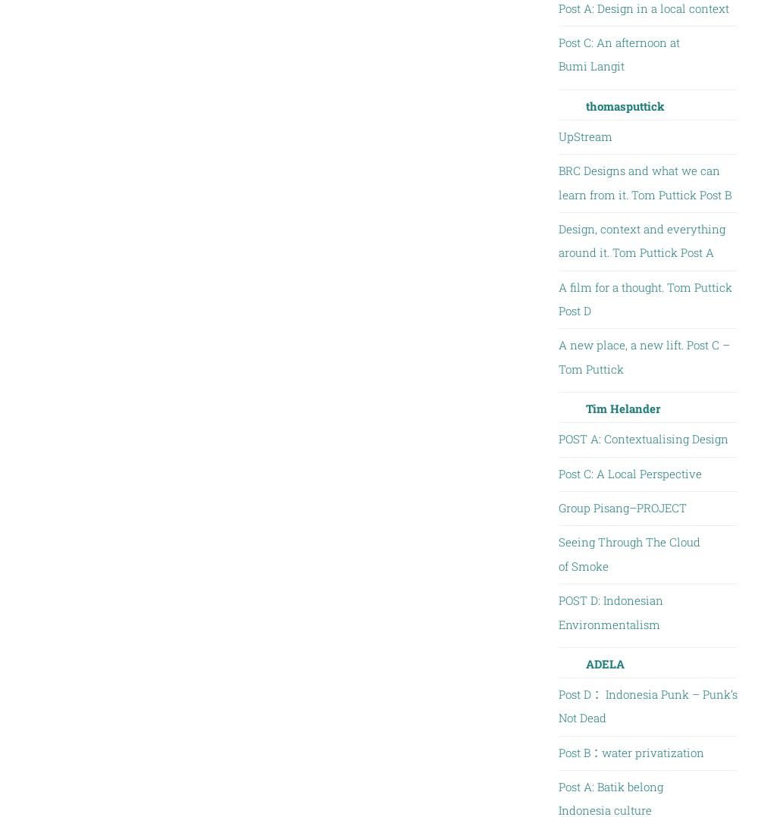 The width and height of the screenshot is (758, 817). Describe the element at coordinates (621, 507) in the screenshot. I see `'Group Pisang–PROJECT'` at that location.